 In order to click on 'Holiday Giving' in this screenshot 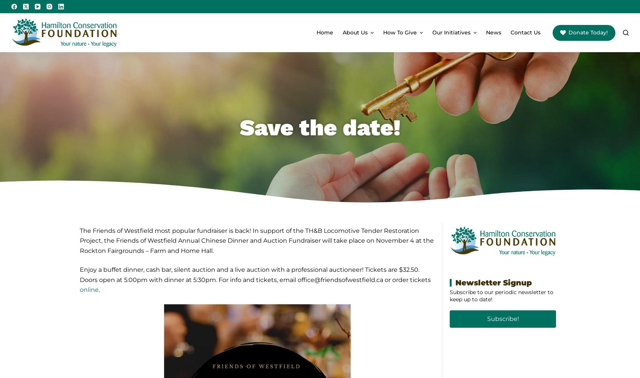, I will do `click(402, 78)`.